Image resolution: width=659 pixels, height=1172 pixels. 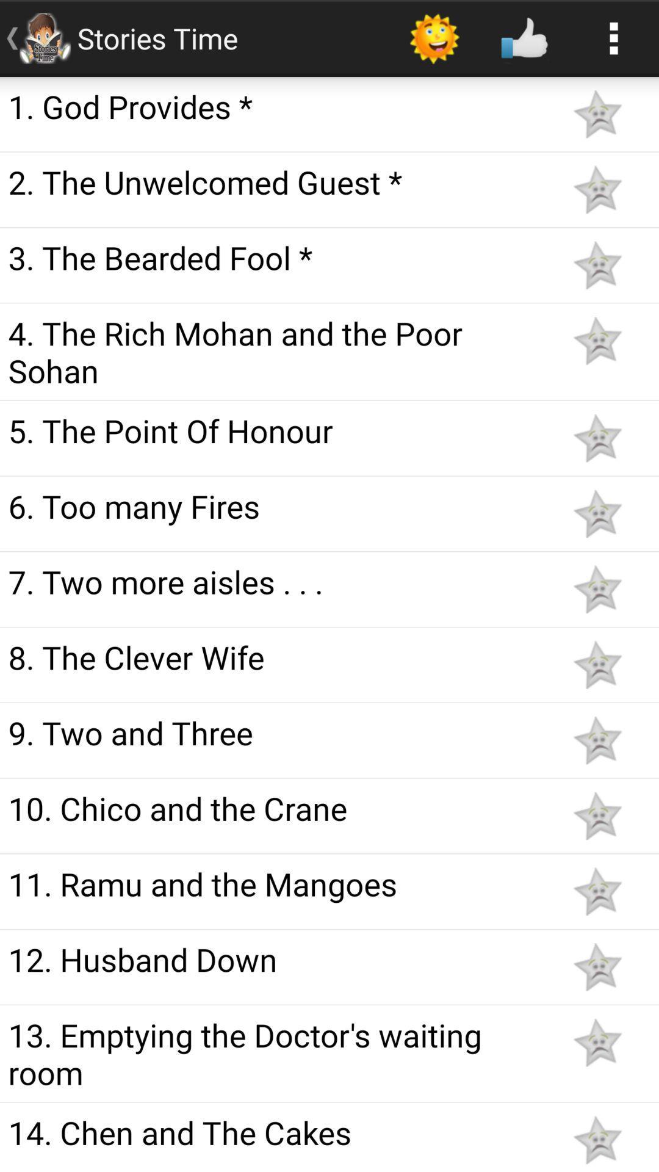 What do you see at coordinates (597, 1139) in the screenshot?
I see `favorite` at bounding box center [597, 1139].